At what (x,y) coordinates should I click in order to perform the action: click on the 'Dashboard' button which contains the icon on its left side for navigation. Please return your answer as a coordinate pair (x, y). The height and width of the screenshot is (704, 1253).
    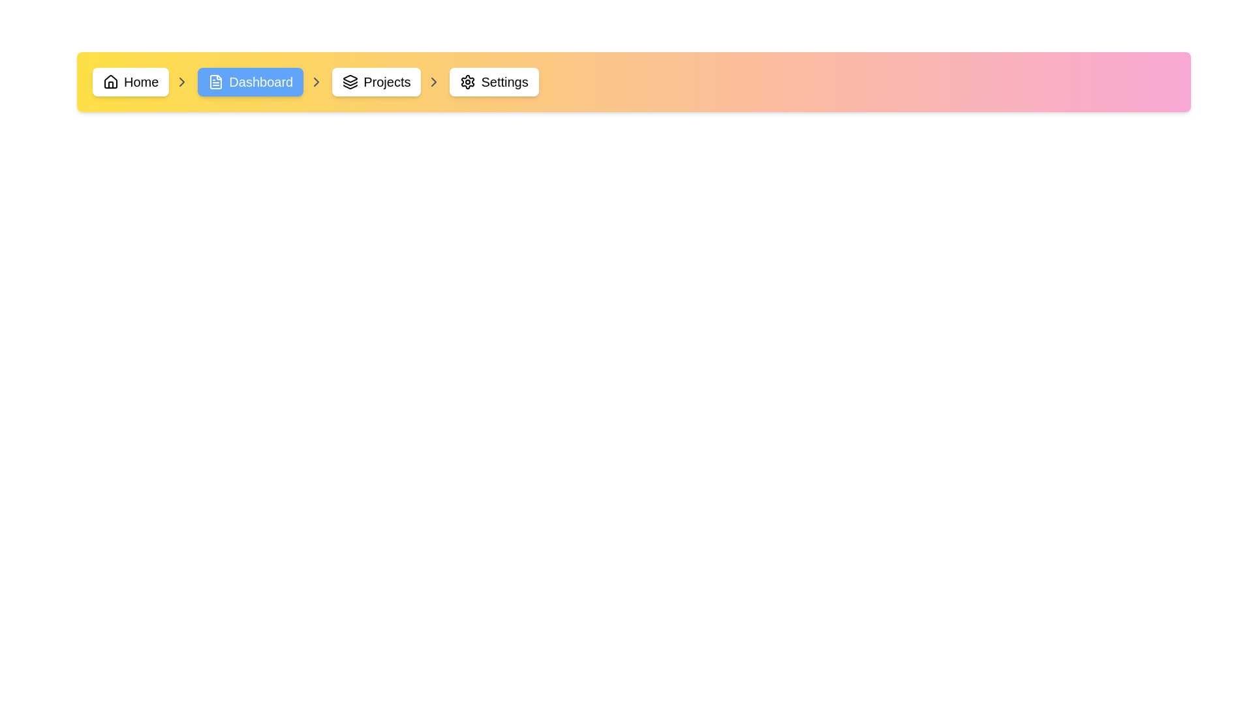
    Looking at the image, I should click on (216, 82).